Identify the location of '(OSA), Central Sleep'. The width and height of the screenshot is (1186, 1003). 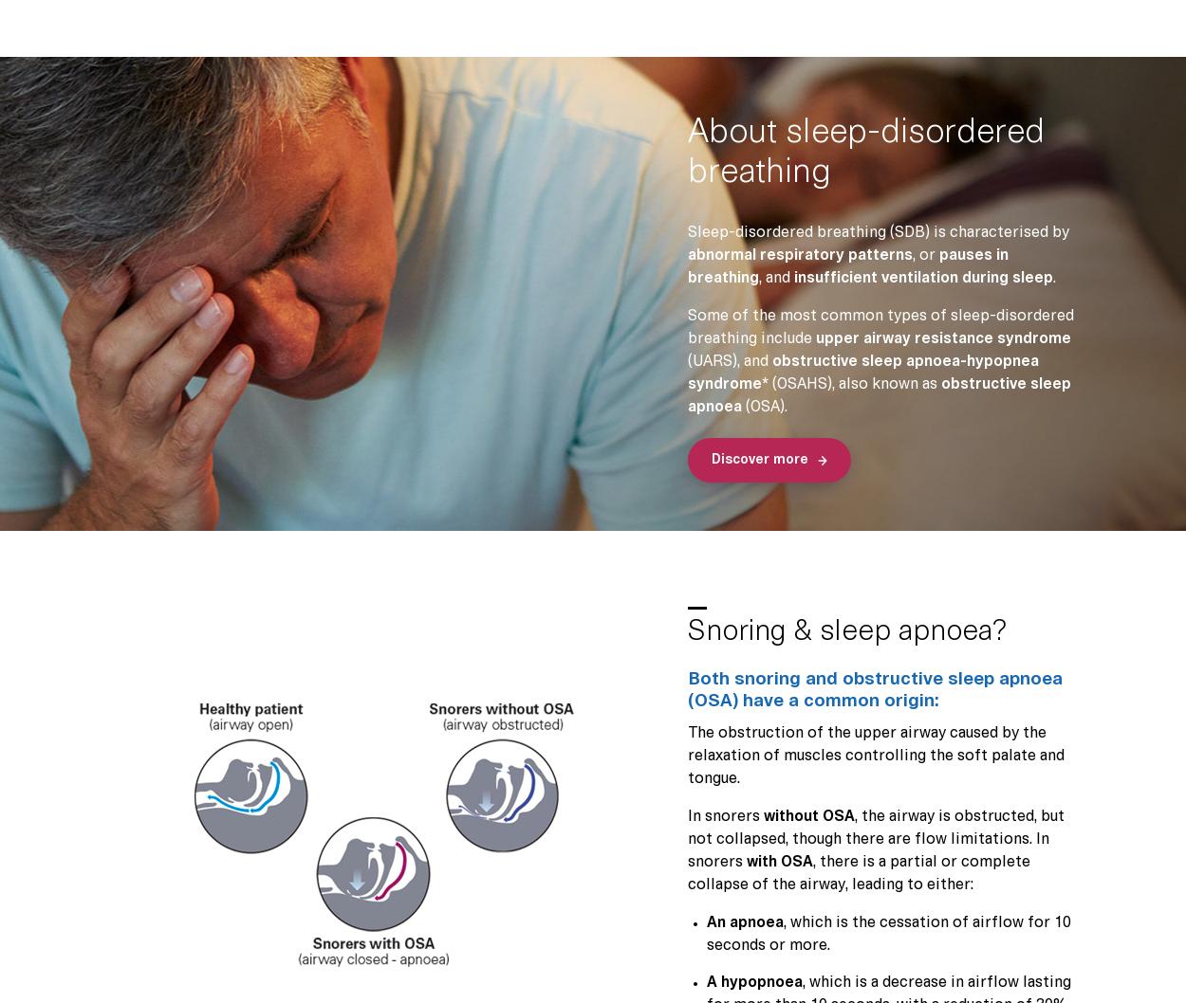
(583, 498).